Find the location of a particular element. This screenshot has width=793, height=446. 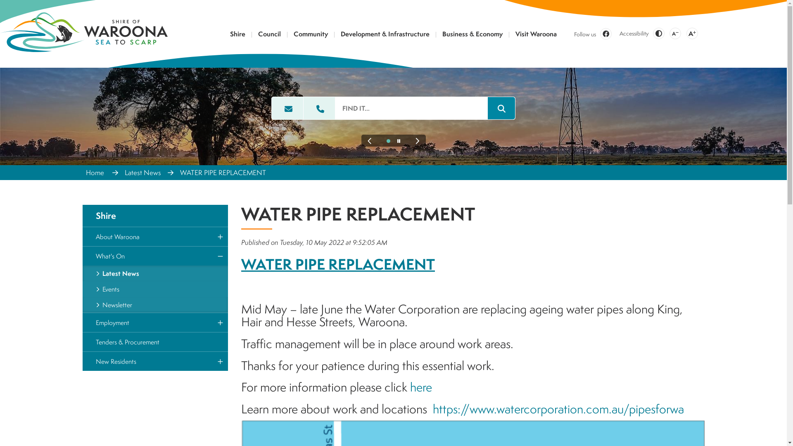

'Business & Economy' is located at coordinates (472, 36).